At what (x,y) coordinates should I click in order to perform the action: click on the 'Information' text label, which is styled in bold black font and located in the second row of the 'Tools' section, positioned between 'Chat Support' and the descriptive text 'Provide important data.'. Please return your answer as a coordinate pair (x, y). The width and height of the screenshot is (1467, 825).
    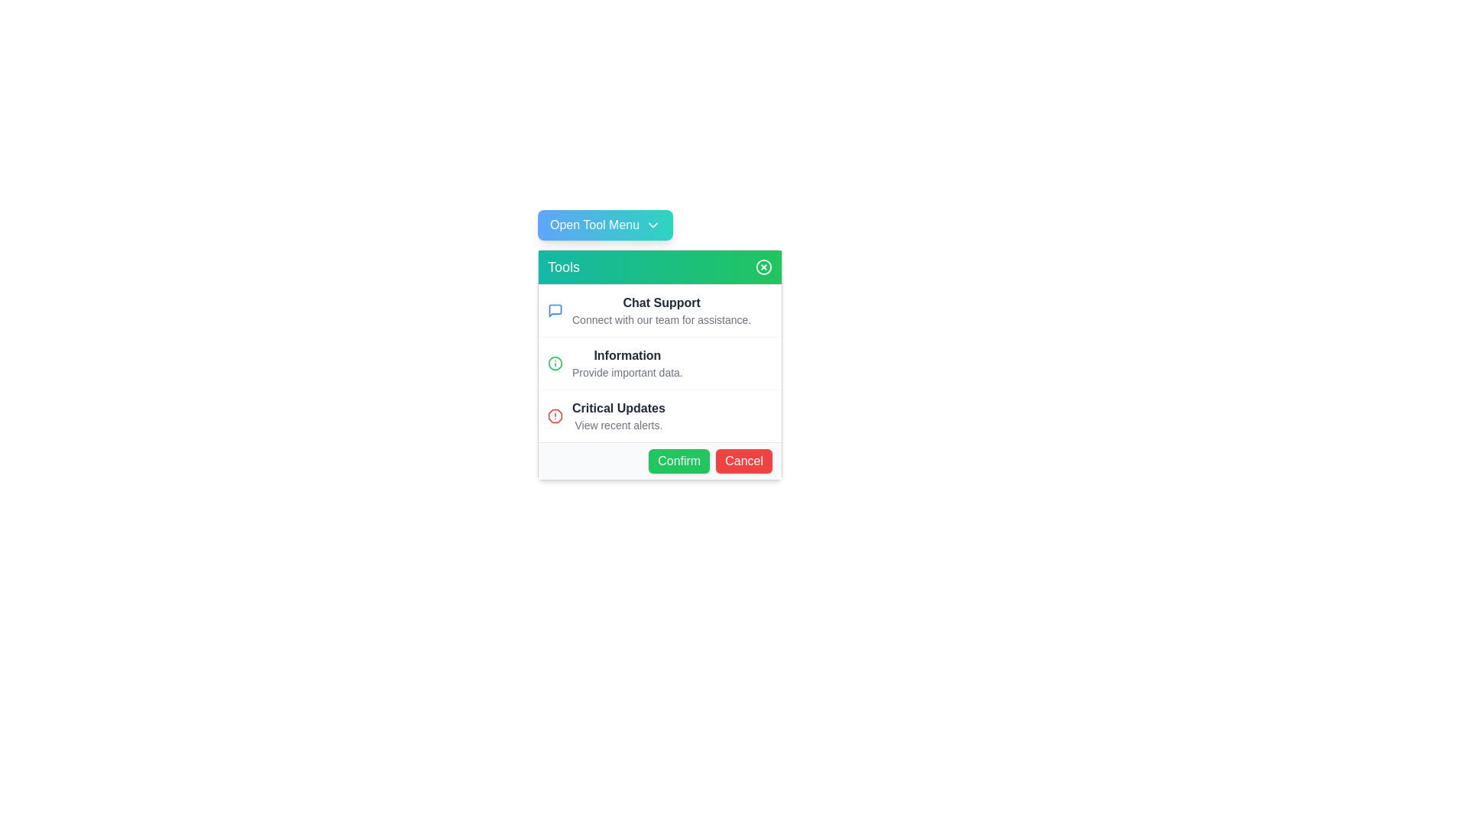
    Looking at the image, I should click on (627, 356).